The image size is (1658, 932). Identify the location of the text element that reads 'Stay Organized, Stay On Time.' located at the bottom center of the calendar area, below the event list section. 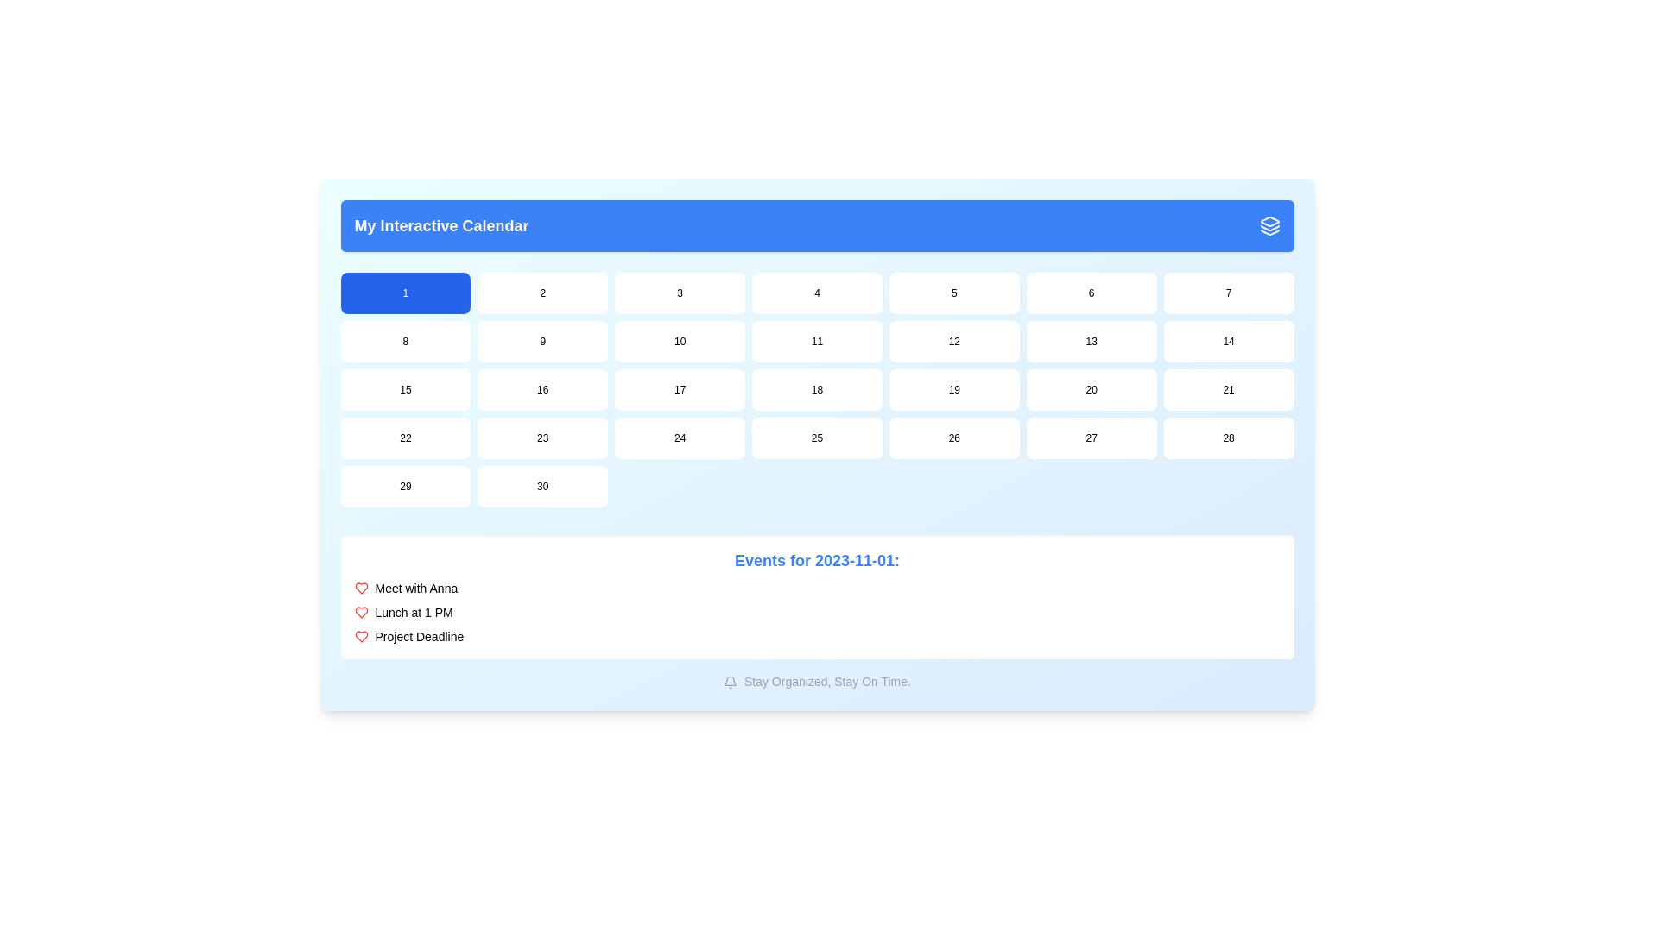
(816, 681).